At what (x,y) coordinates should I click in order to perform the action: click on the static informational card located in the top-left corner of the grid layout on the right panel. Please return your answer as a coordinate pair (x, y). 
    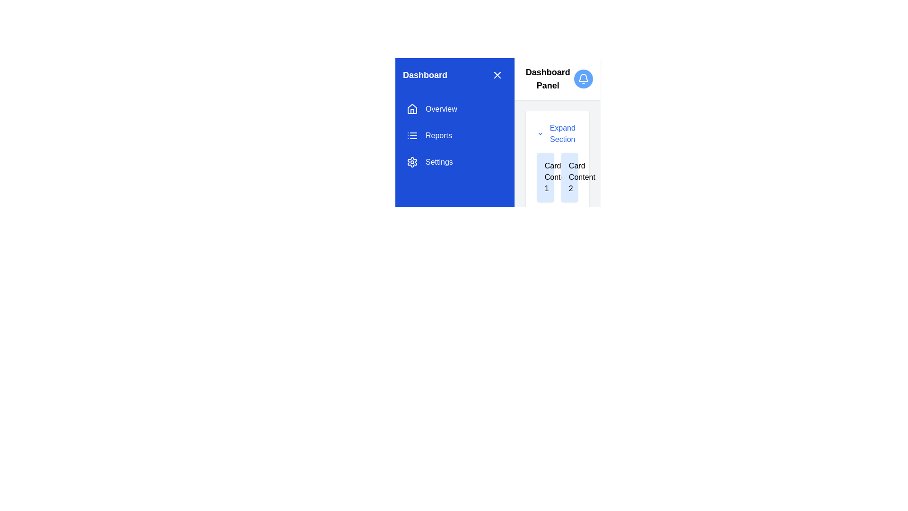
    Looking at the image, I should click on (545, 177).